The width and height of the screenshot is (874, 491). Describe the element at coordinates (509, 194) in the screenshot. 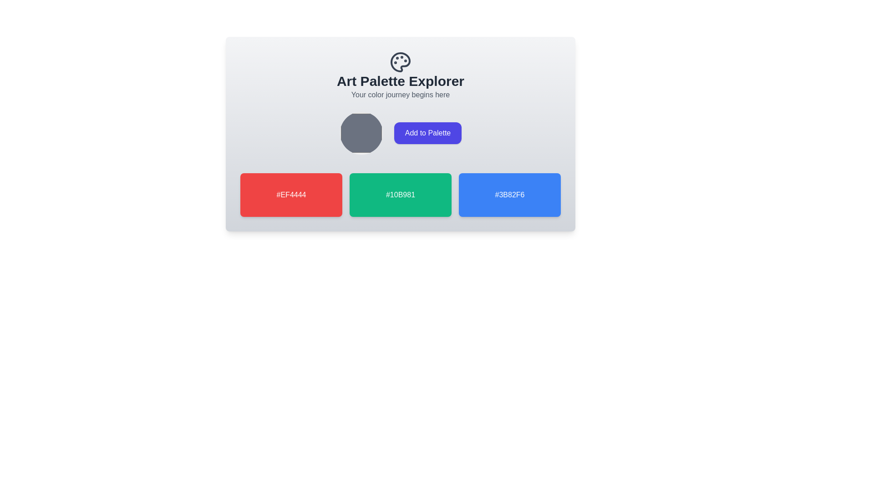

I see `the non-interactive text label that displays the color code for the blue tile, centrally aligned within the blue rectangular tile located at the rightmost position of a row beneath the title 'Art Palette Explorer' and the 'Add to Palette' button` at that location.